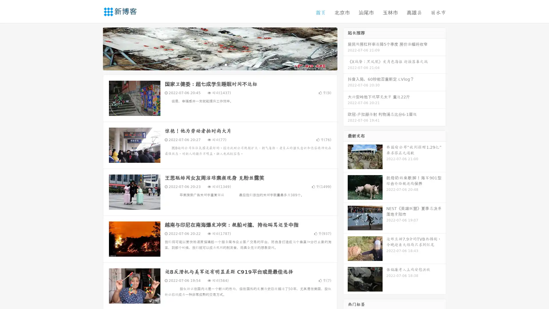 This screenshot has height=309, width=549. What do you see at coordinates (226, 64) in the screenshot?
I see `Go to slide 3` at bounding box center [226, 64].